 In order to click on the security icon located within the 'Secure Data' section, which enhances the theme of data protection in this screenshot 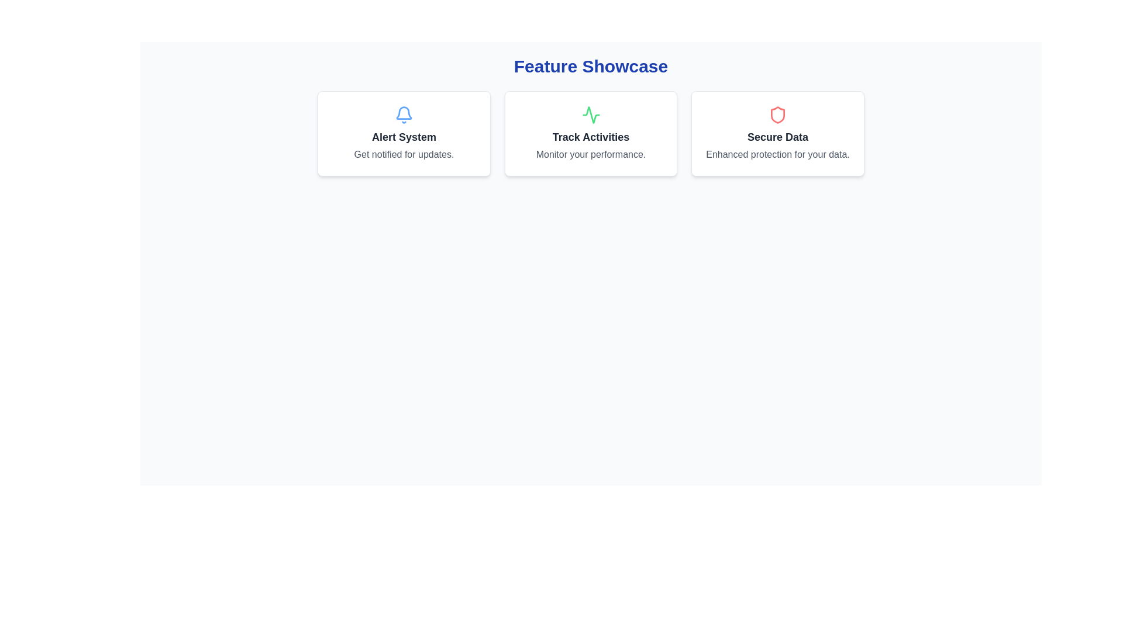, I will do `click(777, 115)`.